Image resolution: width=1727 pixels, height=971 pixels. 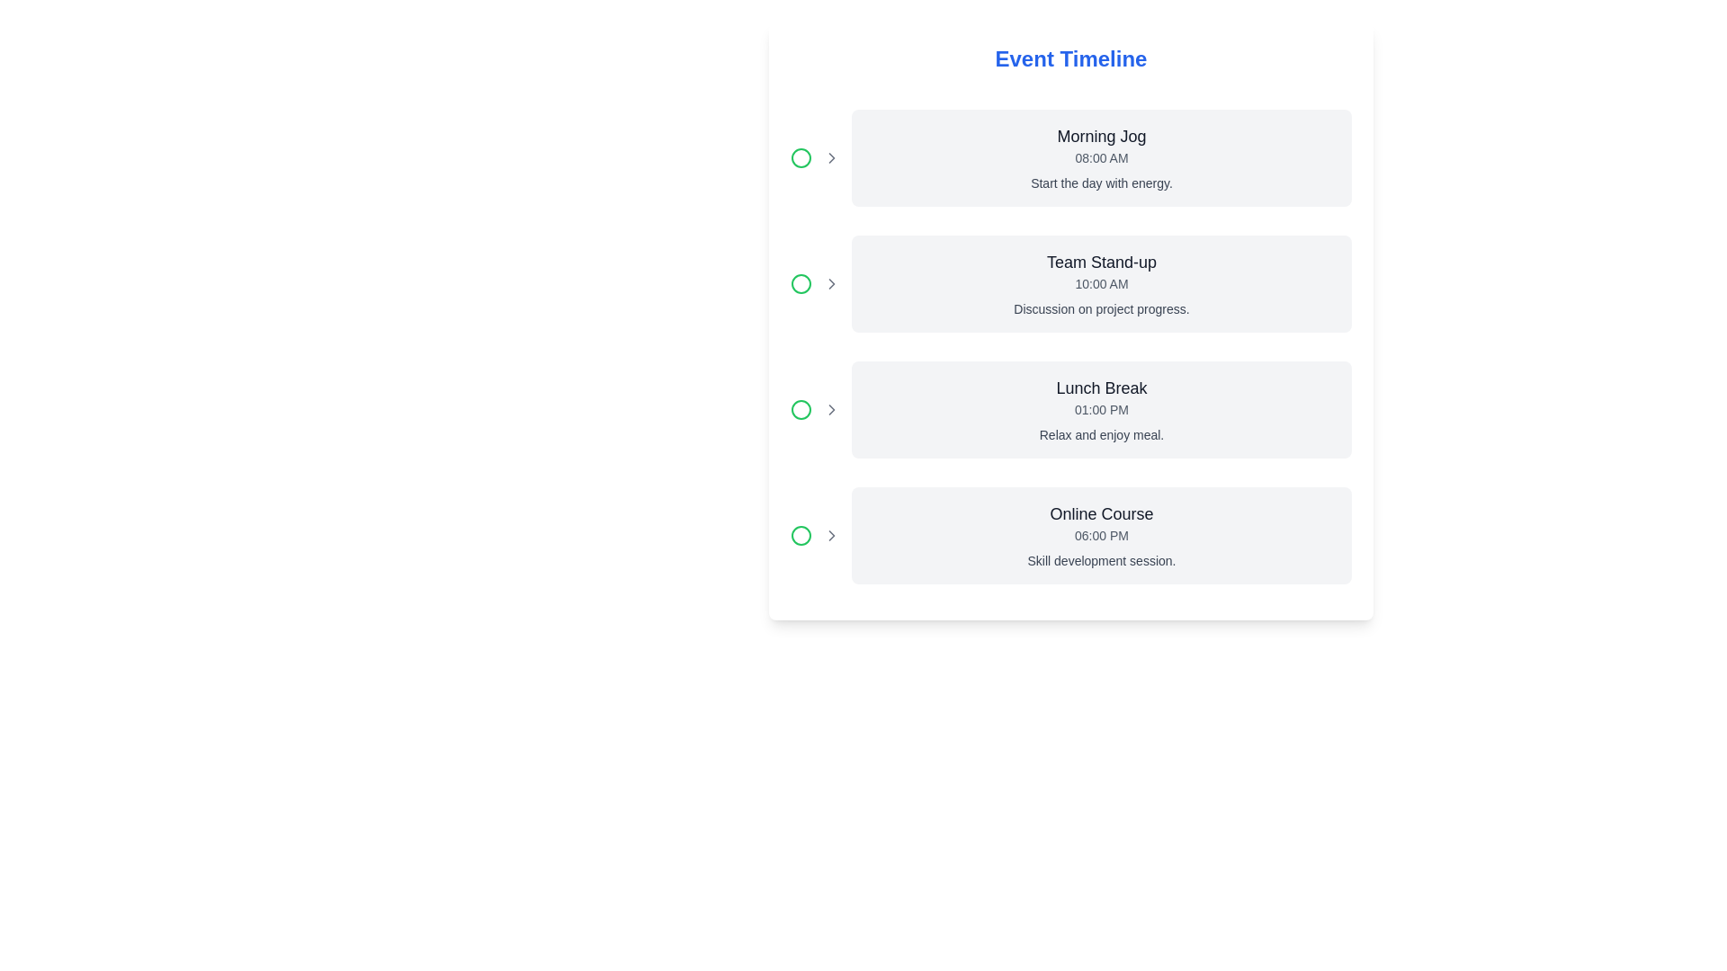 I want to click on the rightmost icon within the 'Online Course' entry, so click(x=831, y=535).